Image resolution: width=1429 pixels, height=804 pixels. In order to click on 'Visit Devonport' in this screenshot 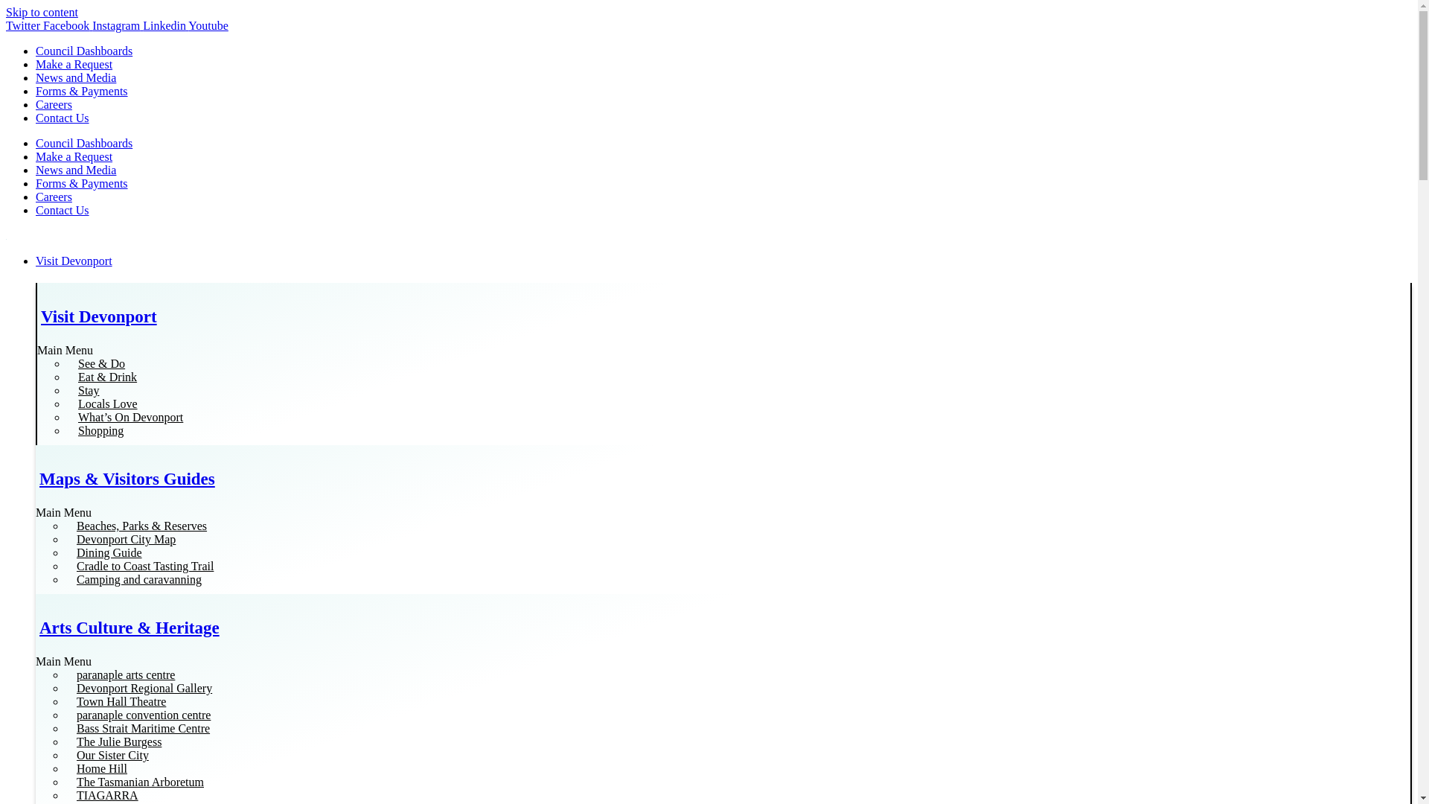, I will do `click(98, 316)`.